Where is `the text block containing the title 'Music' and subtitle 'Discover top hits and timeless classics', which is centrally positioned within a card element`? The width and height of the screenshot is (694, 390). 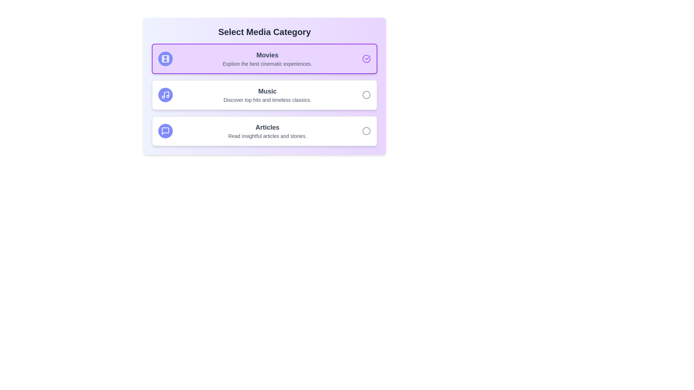
the text block containing the title 'Music' and subtitle 'Discover top hits and timeless classics', which is centrally positioned within a card element is located at coordinates (267, 94).